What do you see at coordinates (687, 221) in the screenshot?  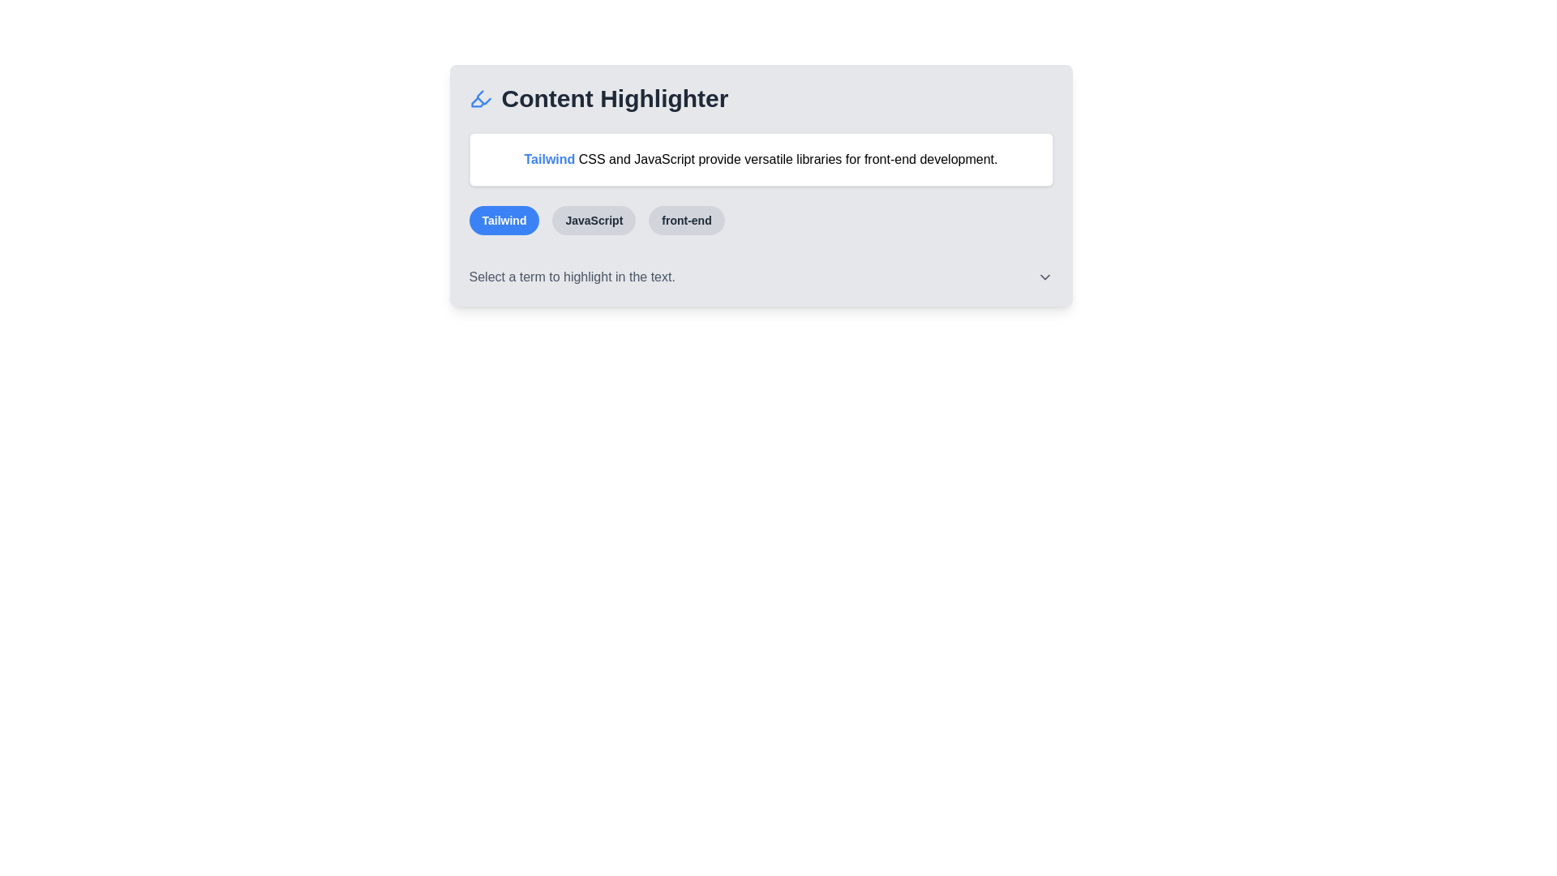 I see `the pill-shaped button labeled 'front-end' with a light gray background and dark gray text to initiate a quick selection action` at bounding box center [687, 221].